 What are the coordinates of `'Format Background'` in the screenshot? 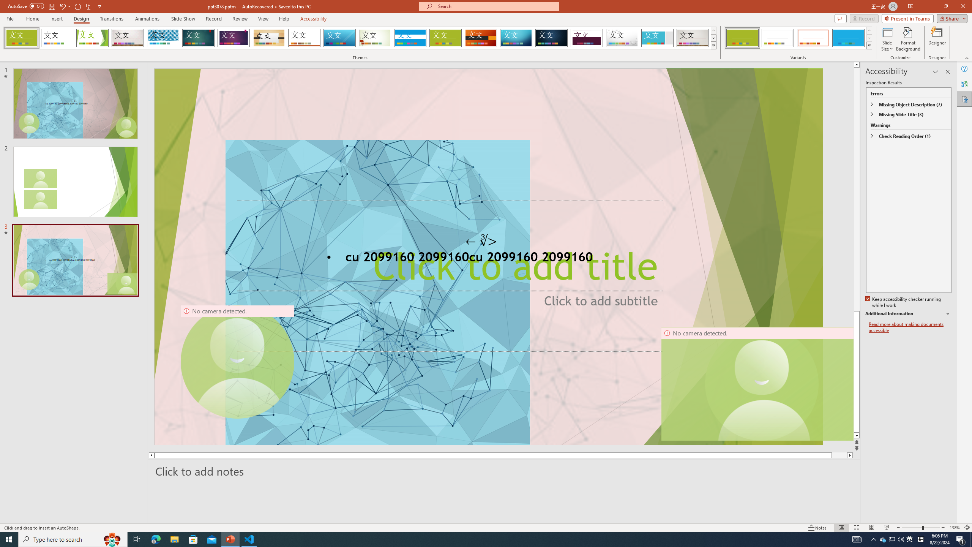 It's located at (908, 39).